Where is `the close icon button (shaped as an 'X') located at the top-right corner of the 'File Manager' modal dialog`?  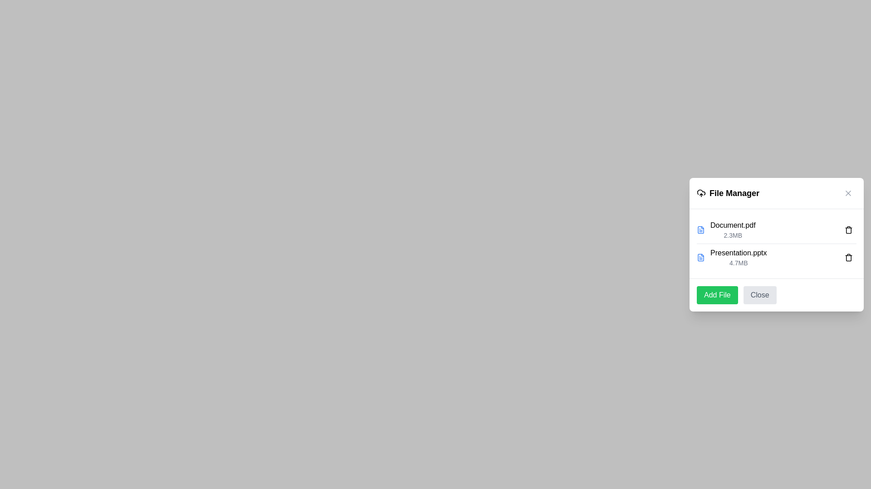
the close icon button (shaped as an 'X') located at the top-right corner of the 'File Manager' modal dialog is located at coordinates (848, 192).